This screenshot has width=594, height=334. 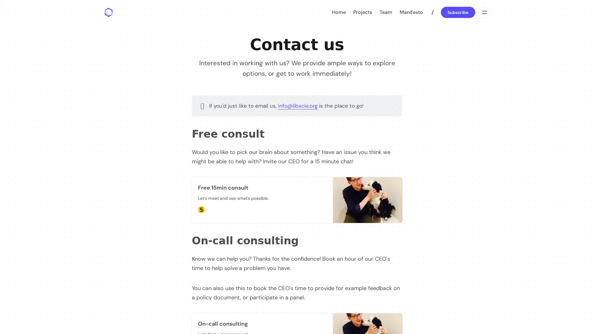 What do you see at coordinates (484, 12) in the screenshot?
I see `Menu` at bounding box center [484, 12].